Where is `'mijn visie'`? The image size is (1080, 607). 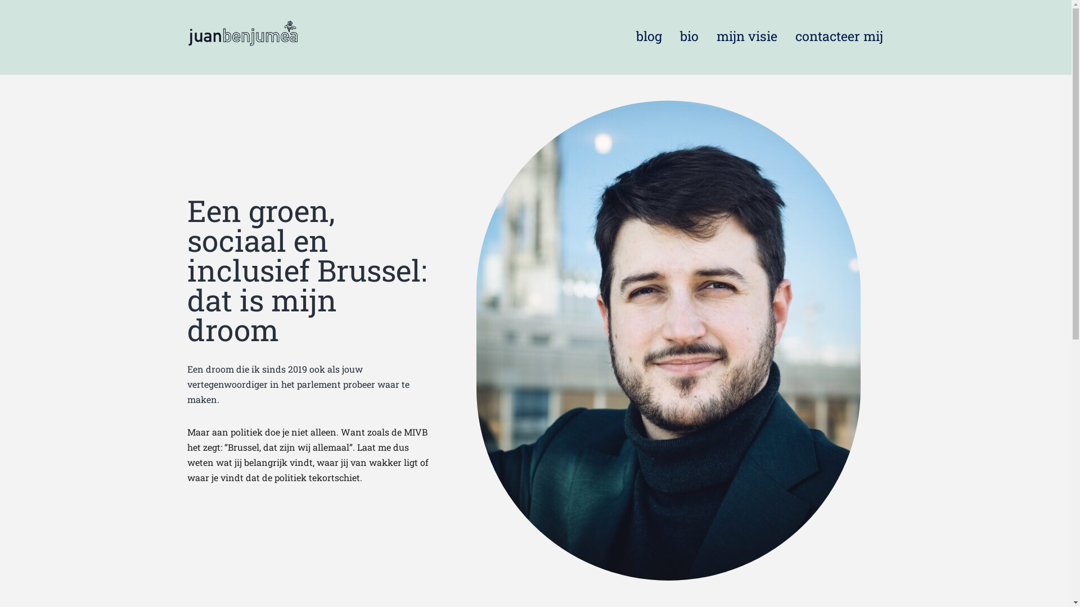 'mijn visie' is located at coordinates (747, 35).